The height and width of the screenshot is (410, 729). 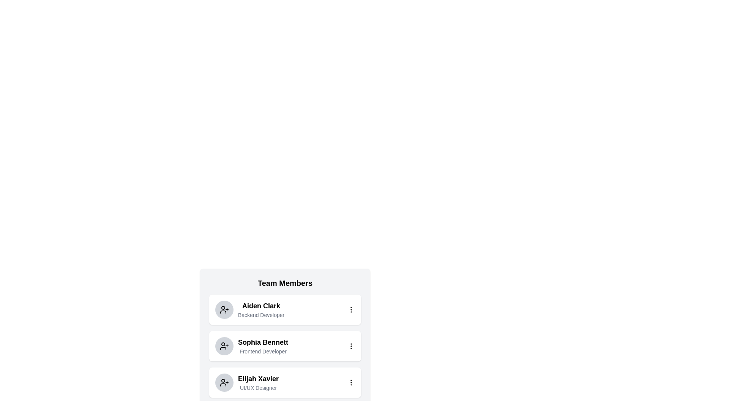 What do you see at coordinates (247, 382) in the screenshot?
I see `the third profile card in the vertically arranged list` at bounding box center [247, 382].